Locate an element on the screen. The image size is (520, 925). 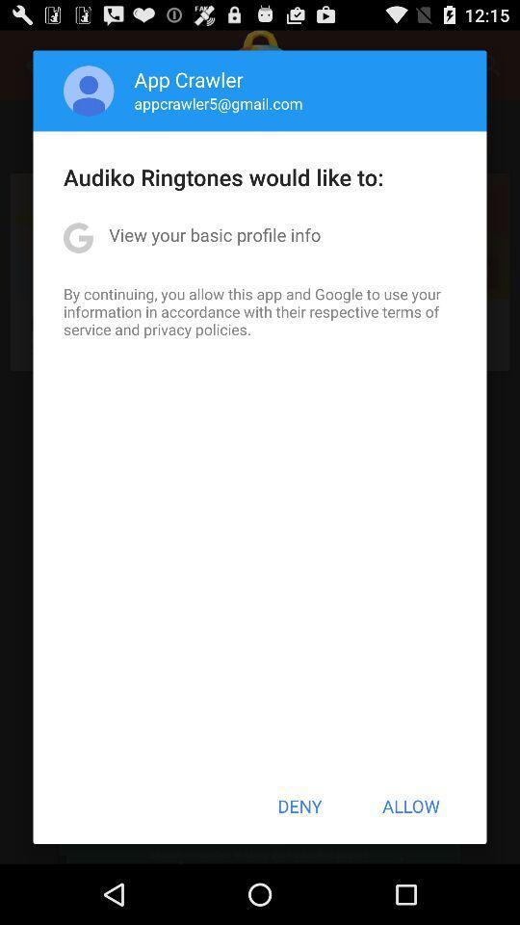
item to the left of the app crawler icon is located at coordinates (88, 91).